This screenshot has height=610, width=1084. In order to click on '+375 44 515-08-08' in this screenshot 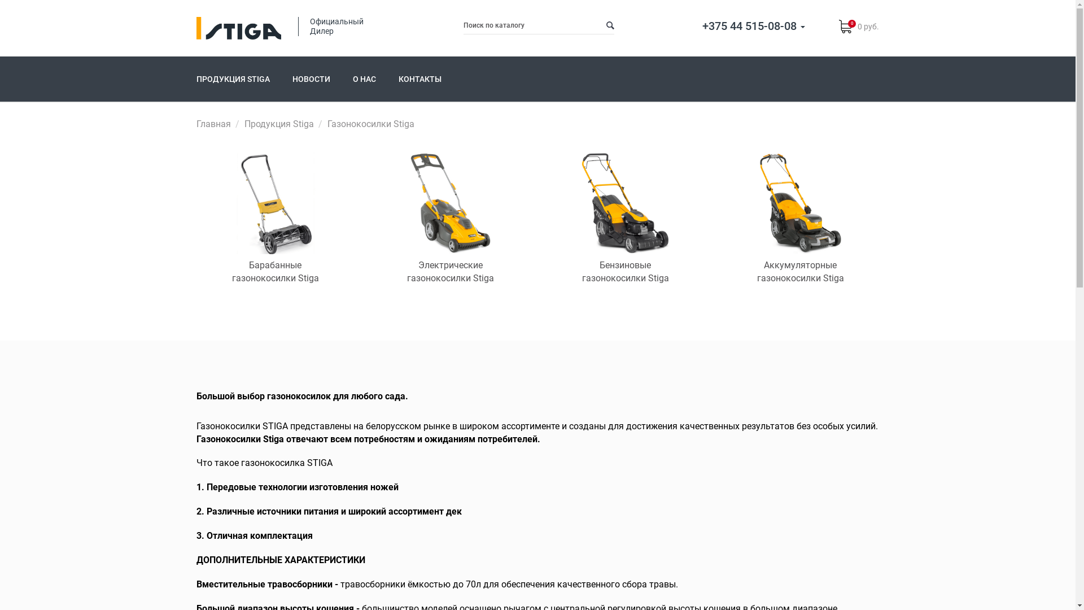, I will do `click(753, 25)`.